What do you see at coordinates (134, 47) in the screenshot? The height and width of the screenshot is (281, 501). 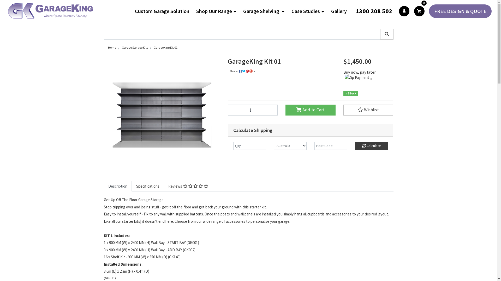 I see `'Garage Storage Kits'` at bounding box center [134, 47].